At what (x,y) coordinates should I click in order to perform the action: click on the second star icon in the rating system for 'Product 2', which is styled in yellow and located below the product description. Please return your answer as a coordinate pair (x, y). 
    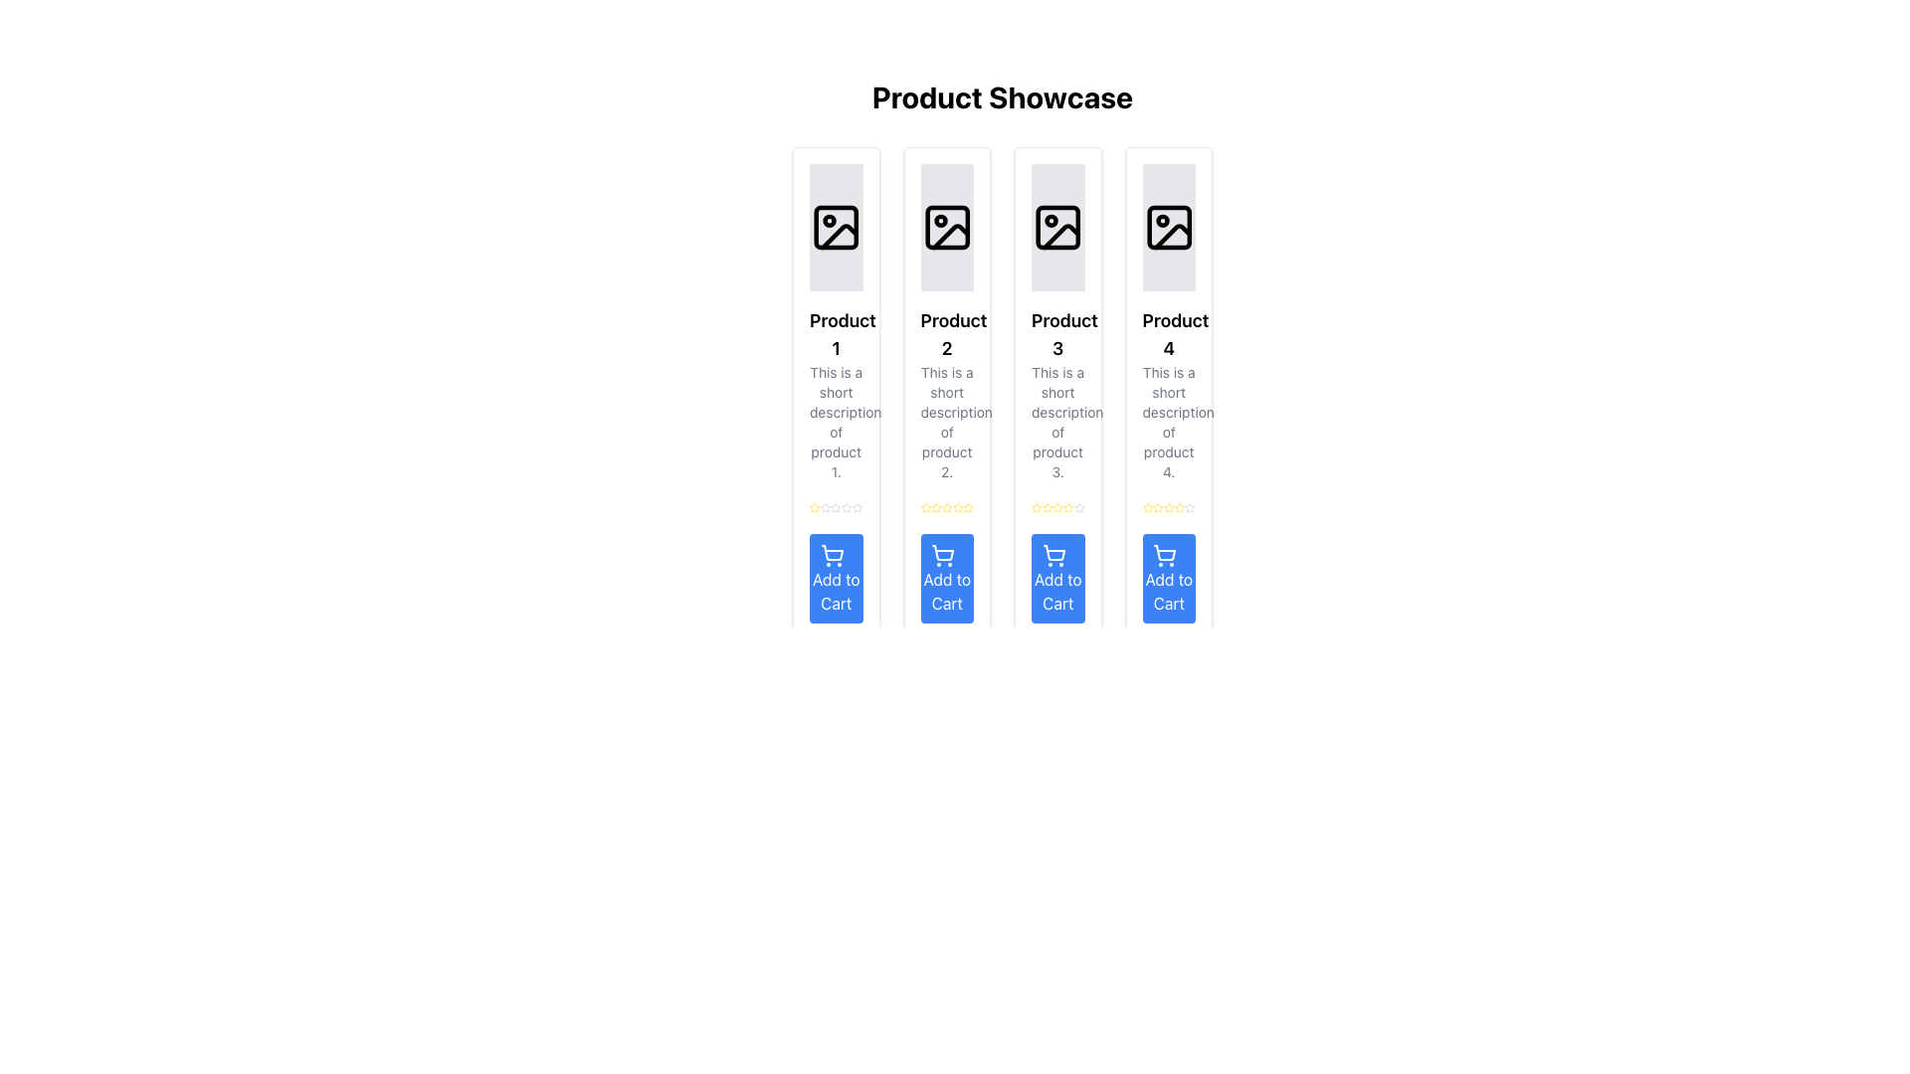
    Looking at the image, I should click on (946, 506).